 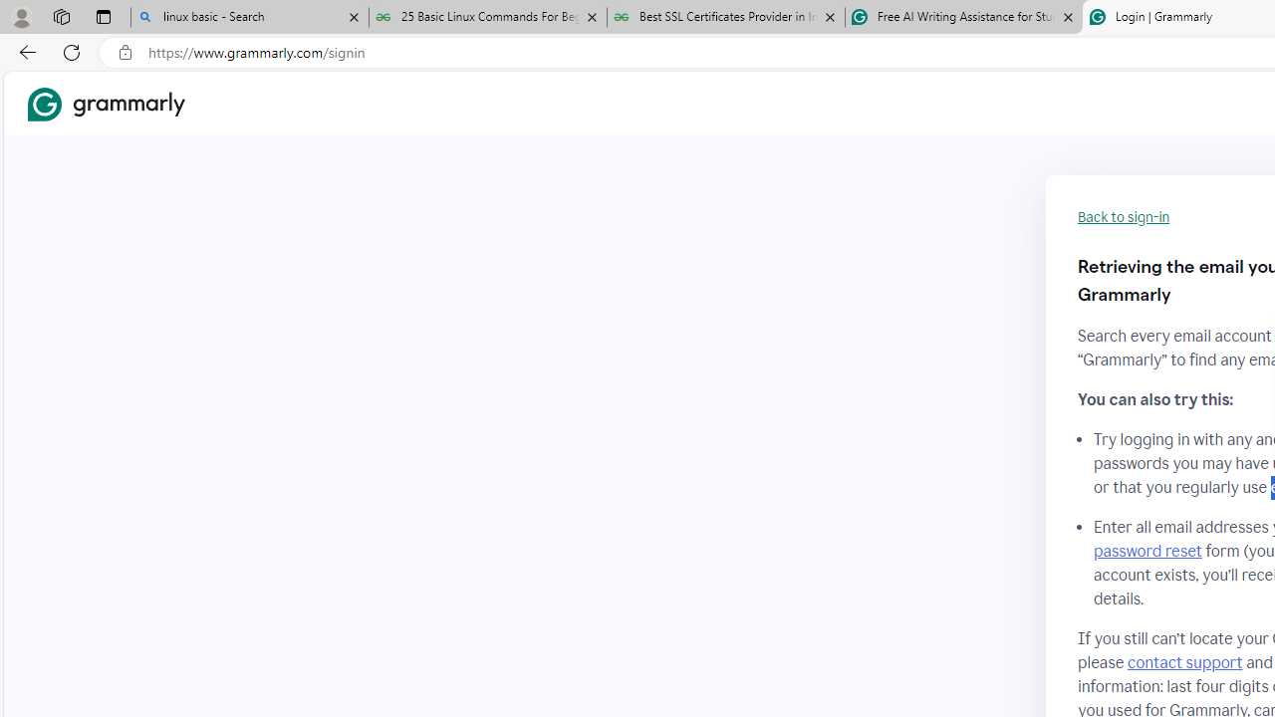 I want to click on 'Grammarly Home', so click(x=105, y=104).